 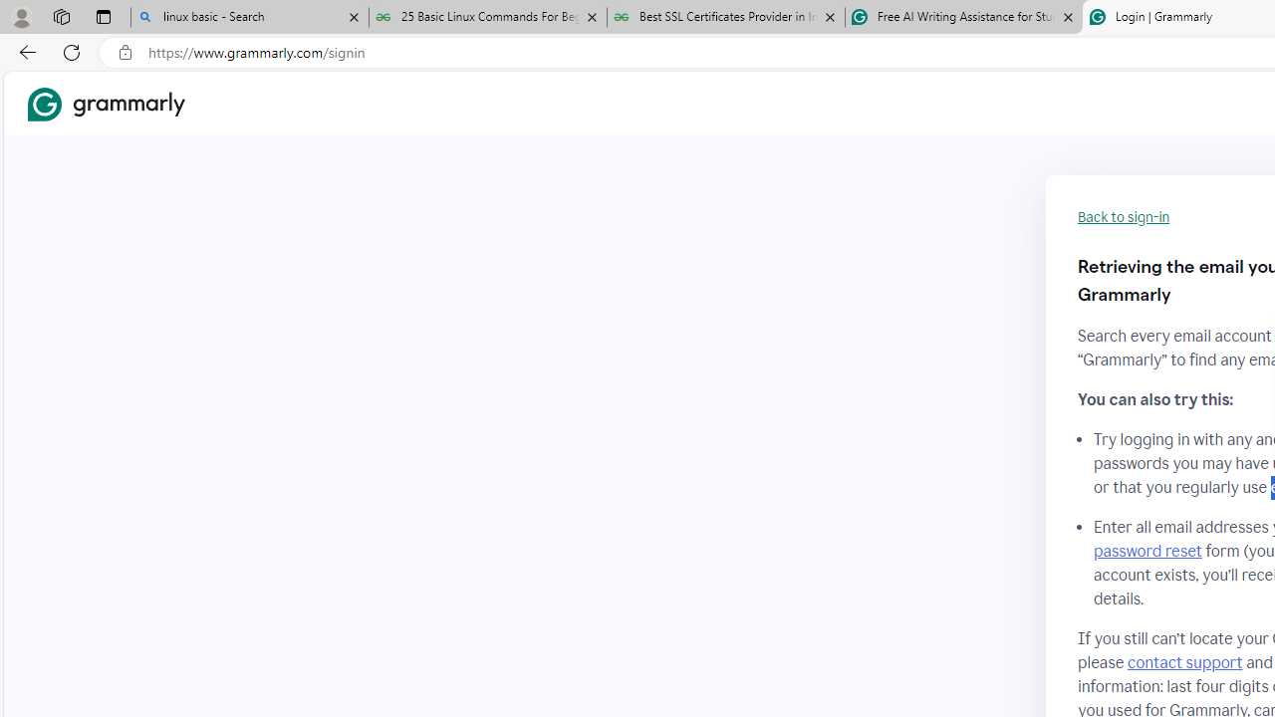 I want to click on 'Grammarly Home', so click(x=105, y=104).